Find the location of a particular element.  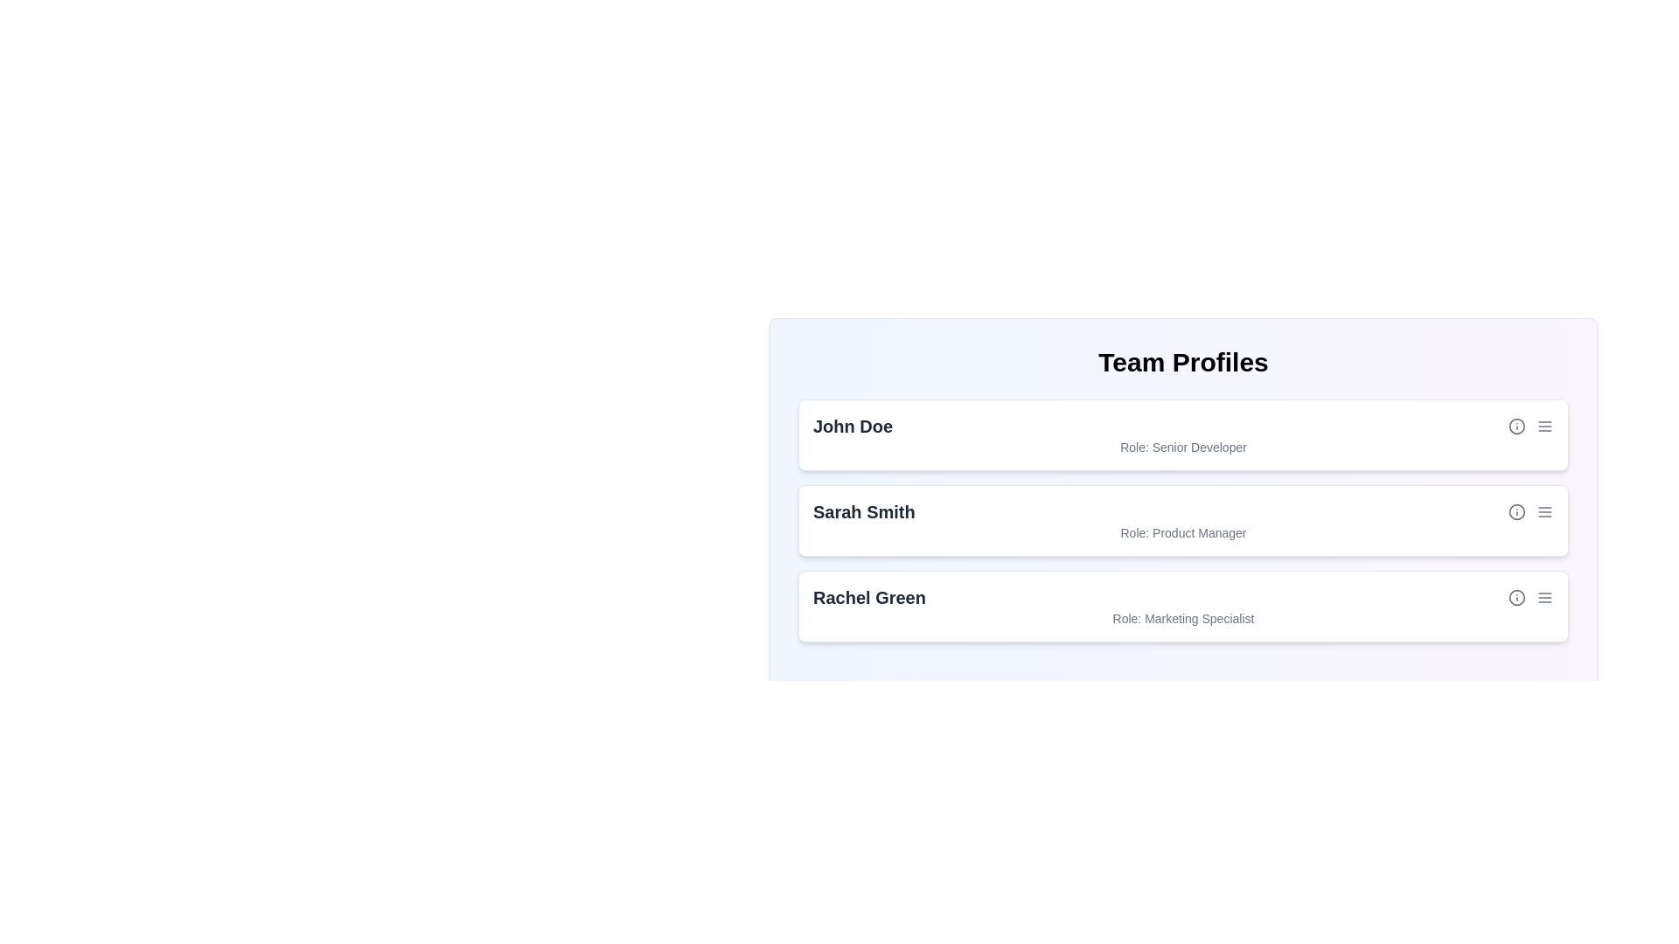

the text displaying 'Role: Product Manager', which is located below 'Sarah Smith' in the 'Team Profiles' area is located at coordinates (1183, 531).